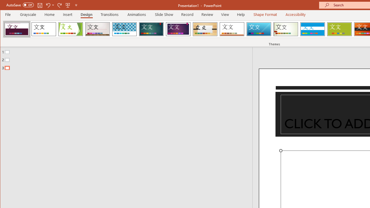 This screenshot has width=370, height=208. What do you see at coordinates (178, 29) in the screenshot?
I see `'Ion Boardroom'` at bounding box center [178, 29].